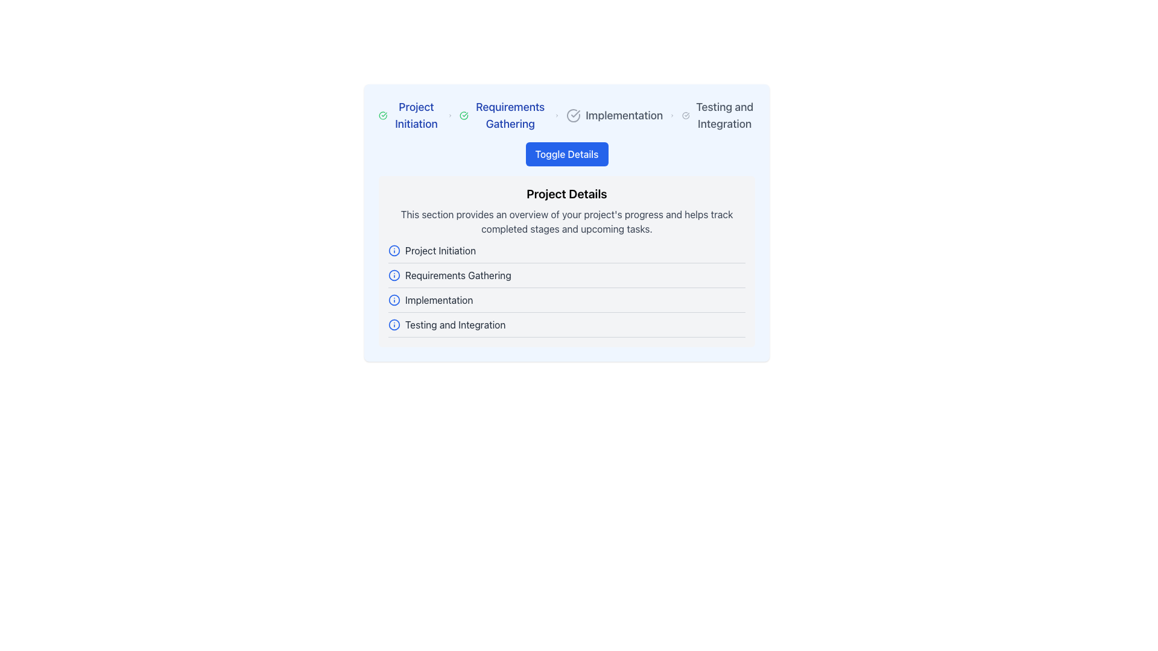 The width and height of the screenshot is (1158, 651). What do you see at coordinates (573, 116) in the screenshot?
I see `the circular SVG progress indicator with a checkmark that represents the 'Implementation' stage in the breadcrumb navigation section` at bounding box center [573, 116].